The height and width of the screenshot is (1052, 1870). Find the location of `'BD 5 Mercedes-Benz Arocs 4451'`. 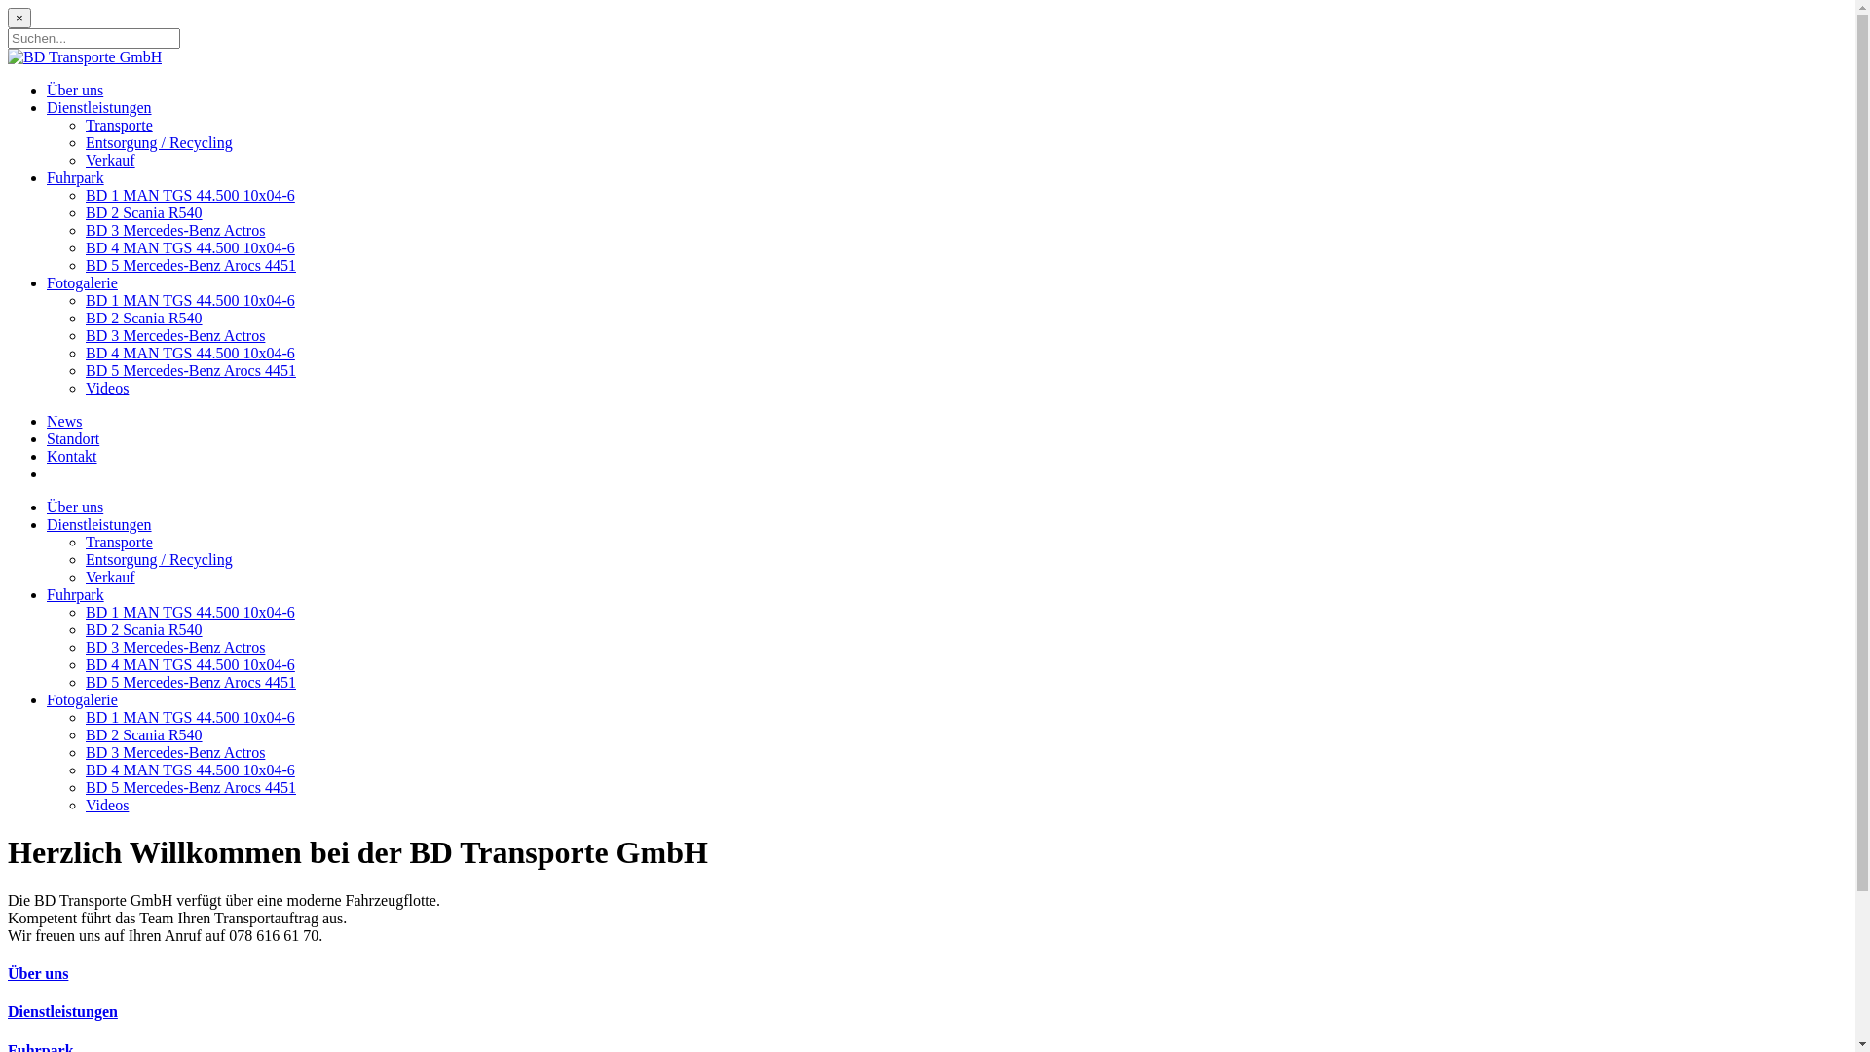

'BD 5 Mercedes-Benz Arocs 4451' is located at coordinates (191, 786).